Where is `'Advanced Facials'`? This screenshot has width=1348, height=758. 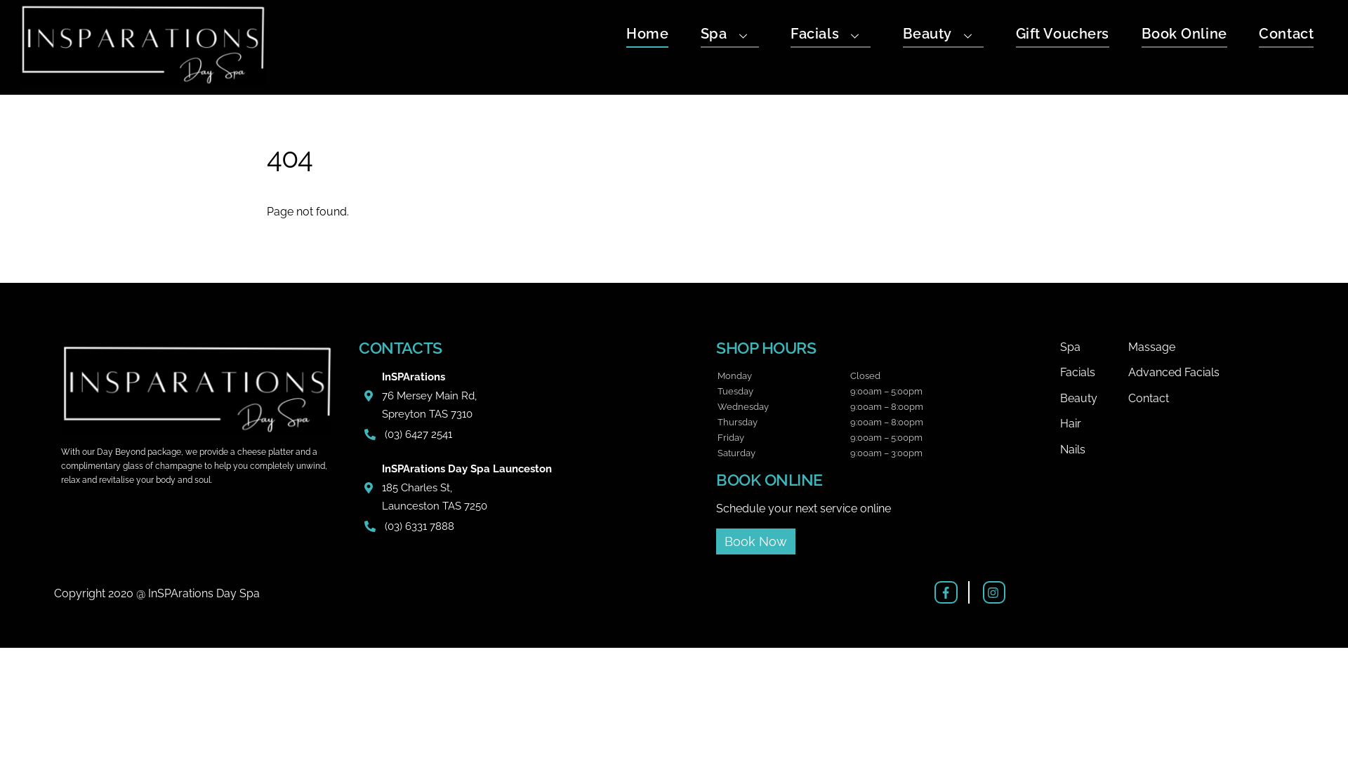
'Advanced Facials' is located at coordinates (1209, 372).